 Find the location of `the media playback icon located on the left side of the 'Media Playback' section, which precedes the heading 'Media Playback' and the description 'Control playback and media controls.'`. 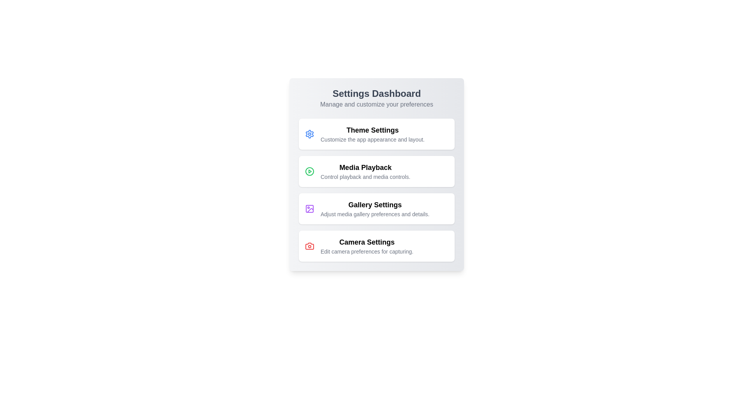

the media playback icon located on the left side of the 'Media Playback' section, which precedes the heading 'Media Playback' and the description 'Control playback and media controls.' is located at coordinates (309, 171).